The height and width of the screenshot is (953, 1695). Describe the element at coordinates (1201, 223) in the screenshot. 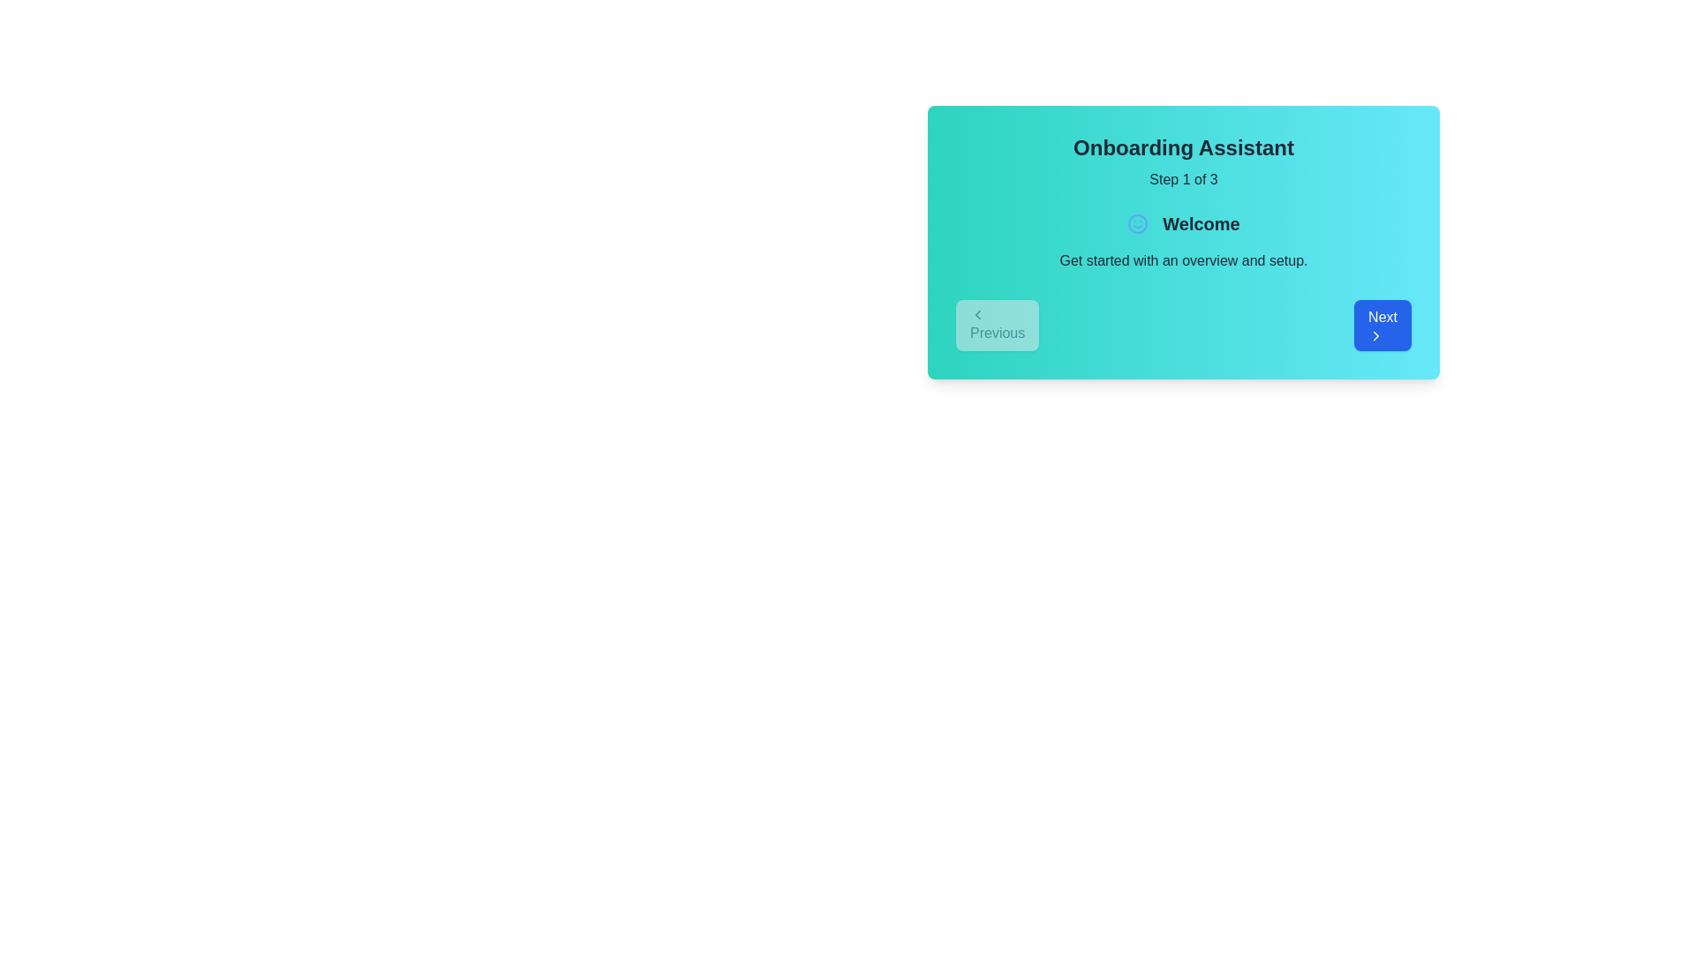

I see `the text label displaying 'Welcome' in bold styling, located in the upper section of the interface card with a light blue background` at that location.